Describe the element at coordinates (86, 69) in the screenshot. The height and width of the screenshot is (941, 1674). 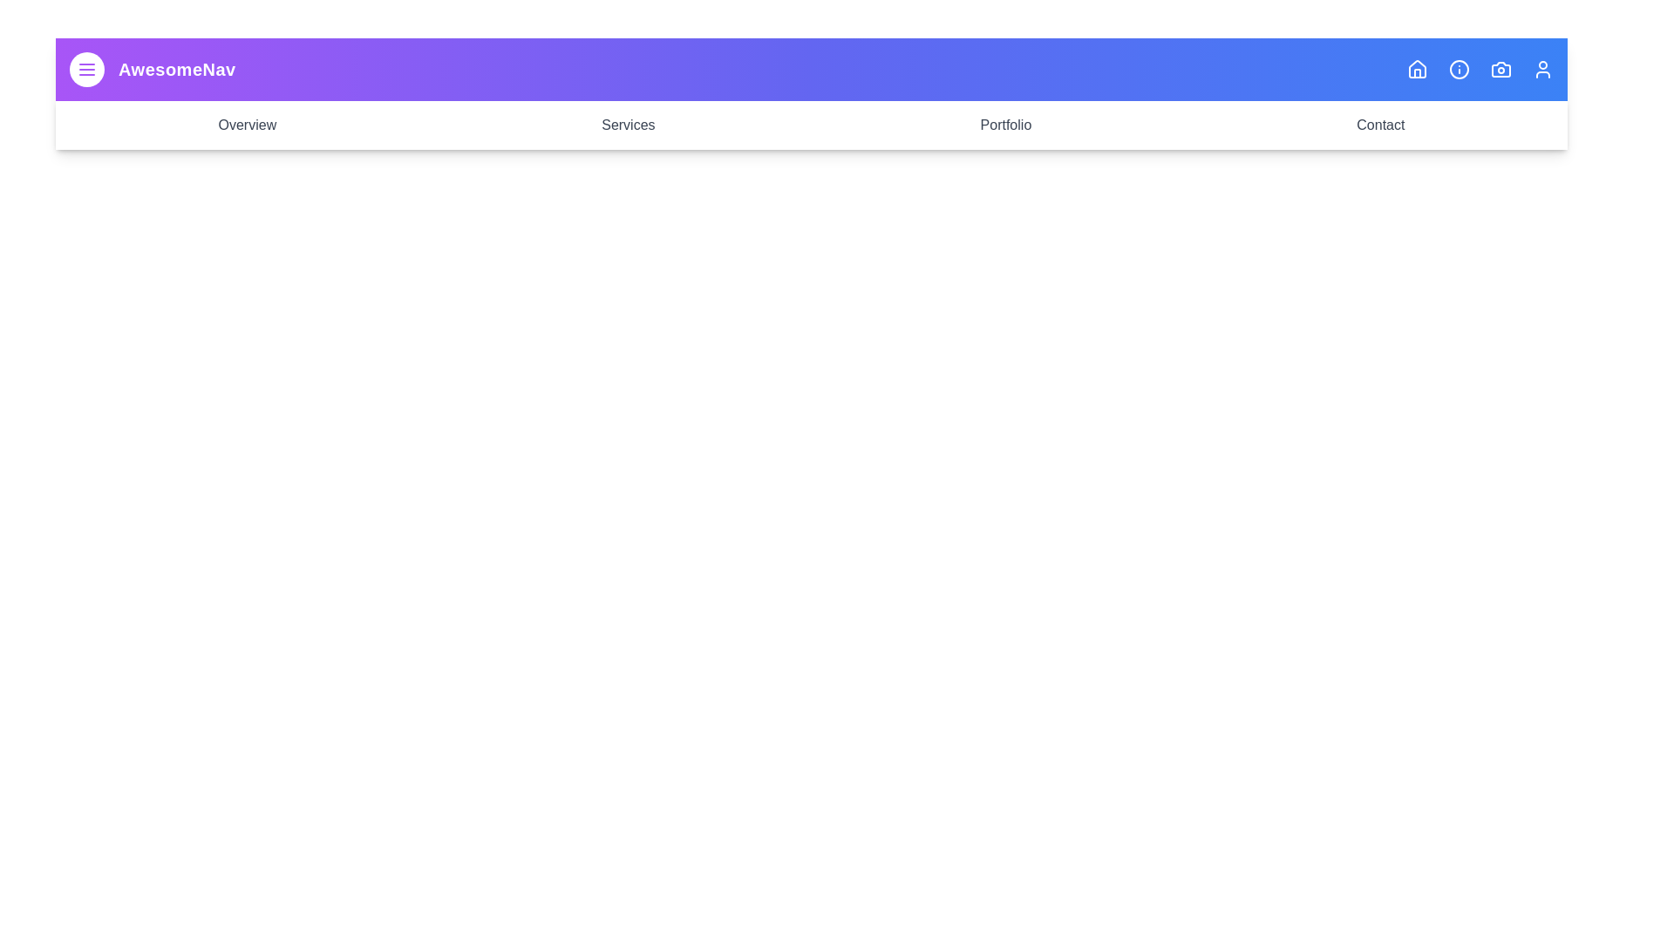
I see `the menu button to toggle the menu visibility` at that location.